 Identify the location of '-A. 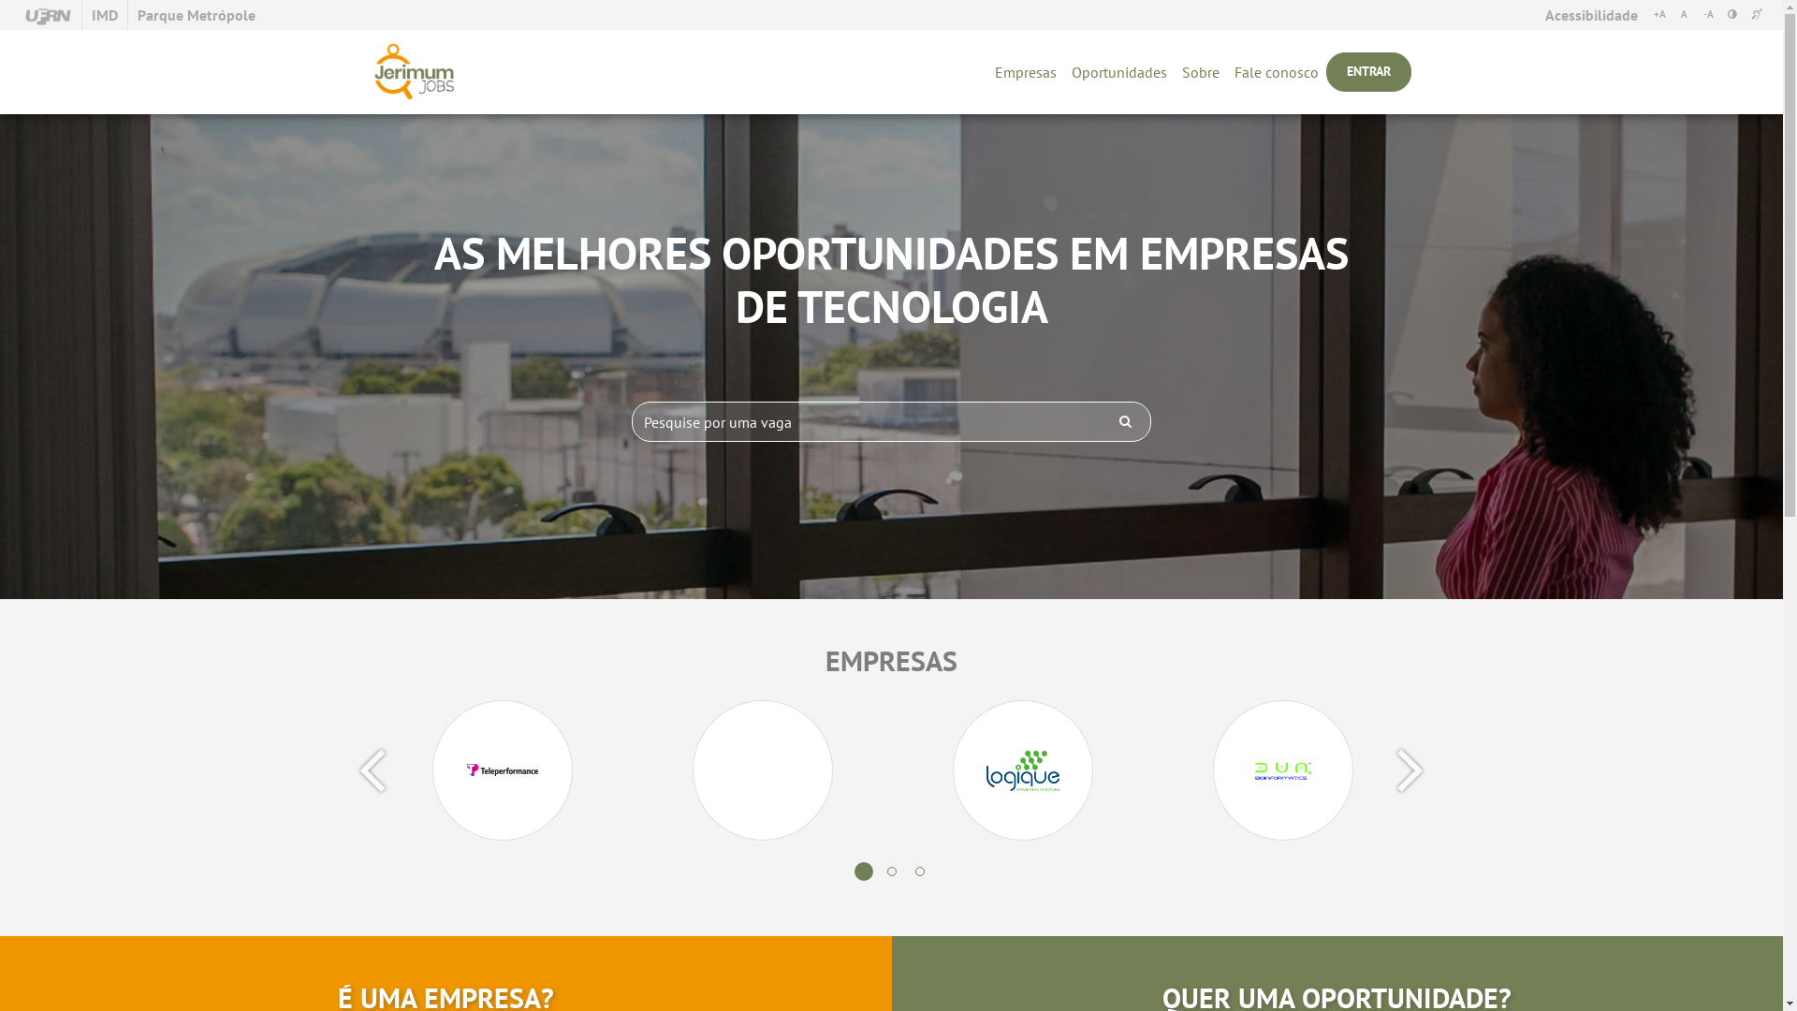
(1695, 14).